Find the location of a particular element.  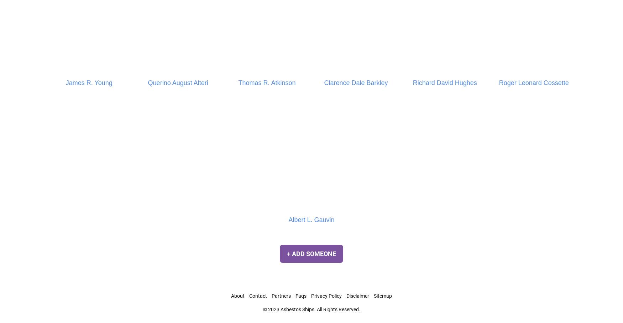

'Richard David Hughes' is located at coordinates (444, 82).